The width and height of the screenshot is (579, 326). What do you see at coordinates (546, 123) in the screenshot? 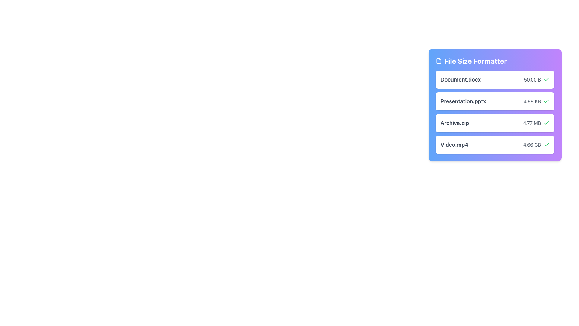
I see `the green checkmark icon indicating a successful state, located next to the text '4.77 MB' in the 'Archive.zip' item` at bounding box center [546, 123].